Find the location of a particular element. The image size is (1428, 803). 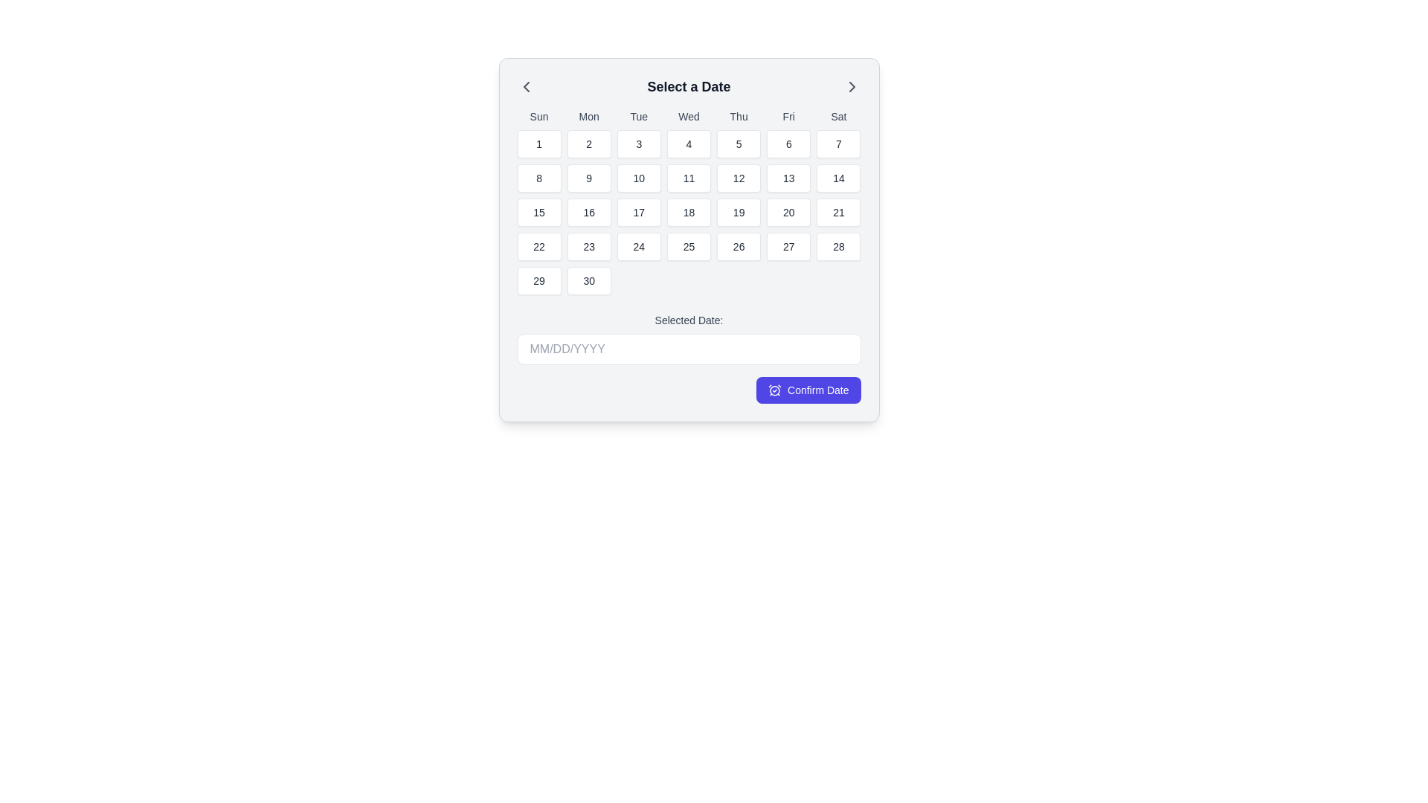

the day selection button for the 13th in the calendar interface, located in the sixth column (Friday) and third row of the calendar grid is located at coordinates (788, 177).